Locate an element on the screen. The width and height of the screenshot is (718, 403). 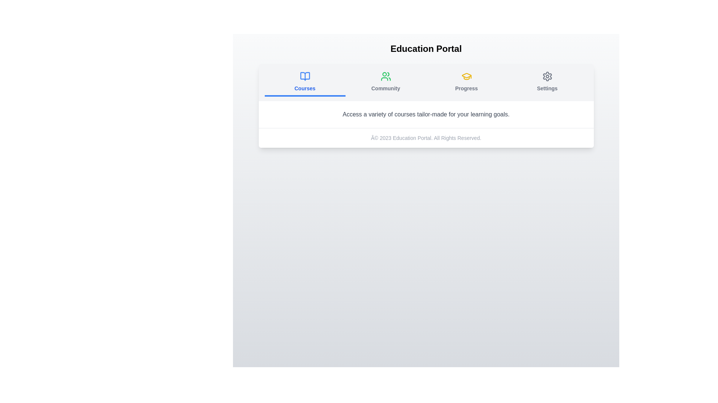
the 'Progress' text label located below the graduation cap icon and to the left of the 'Community' label is located at coordinates (466, 88).